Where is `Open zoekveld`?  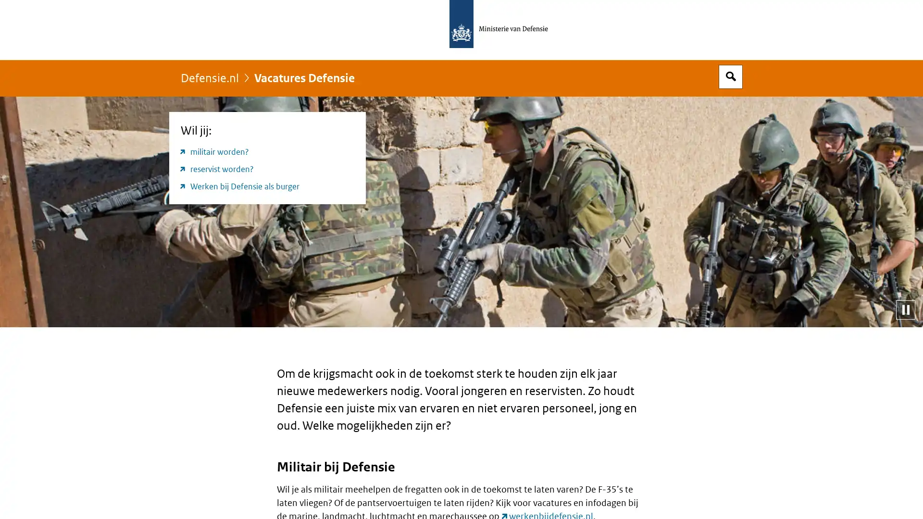 Open zoekveld is located at coordinates (731, 76).